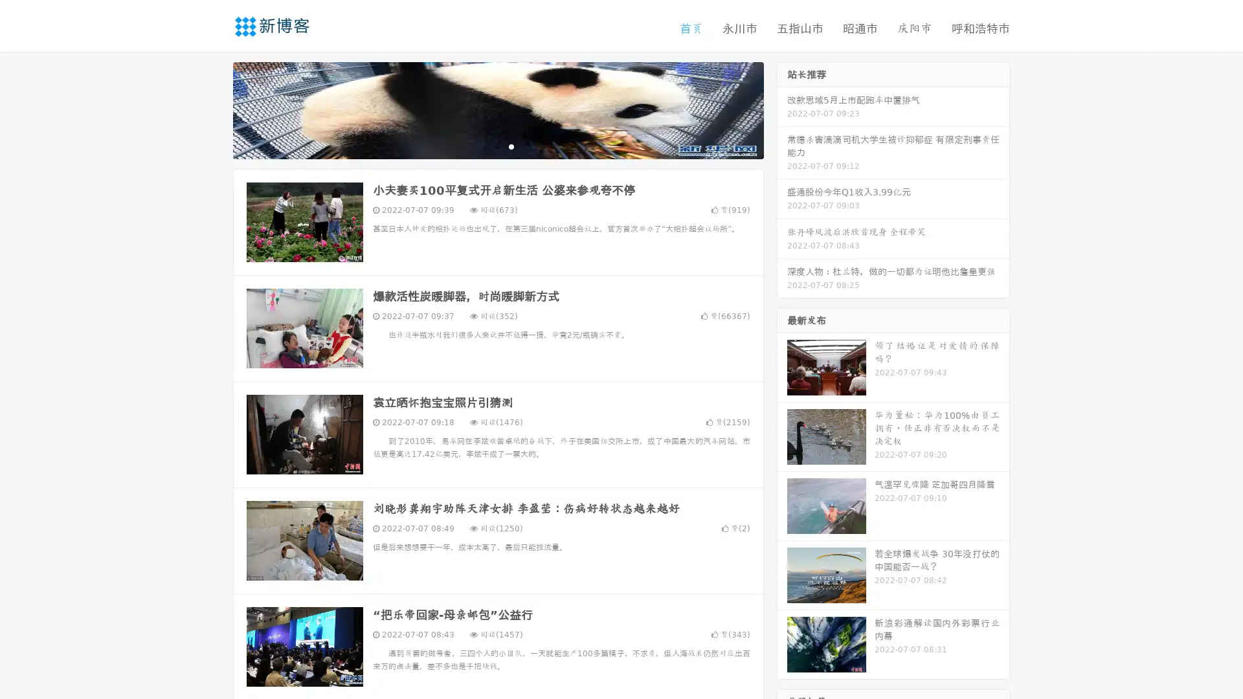 The width and height of the screenshot is (1243, 699). What do you see at coordinates (782, 109) in the screenshot?
I see `Next slide` at bounding box center [782, 109].